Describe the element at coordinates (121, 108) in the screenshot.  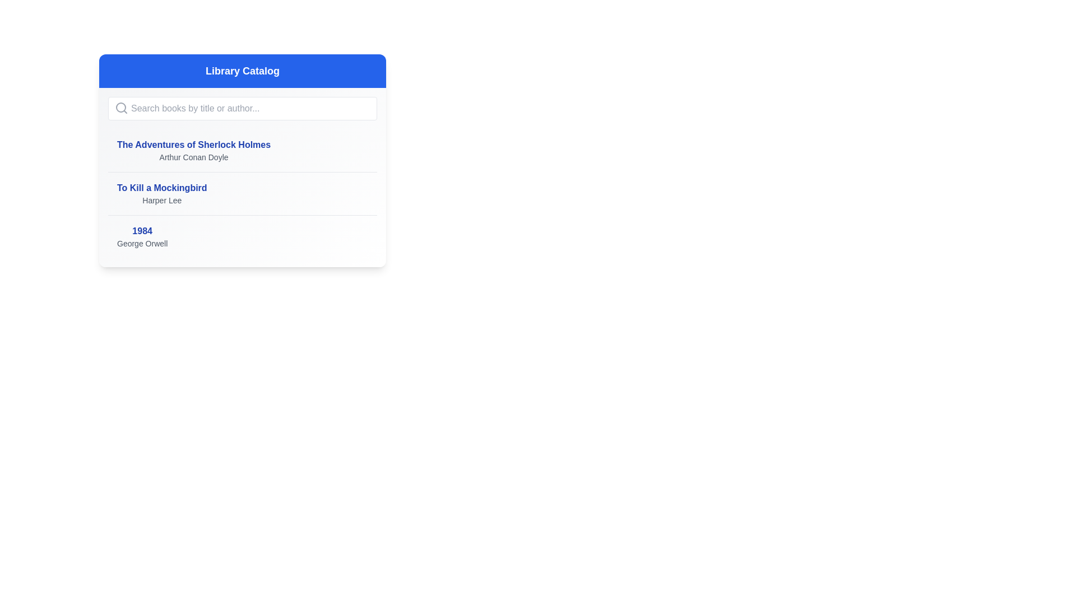
I see `the visual cue function of the search icon located at the top-left corner of the search bar, which indicates the purpose of the adjacent text input field for typing search queries` at that location.